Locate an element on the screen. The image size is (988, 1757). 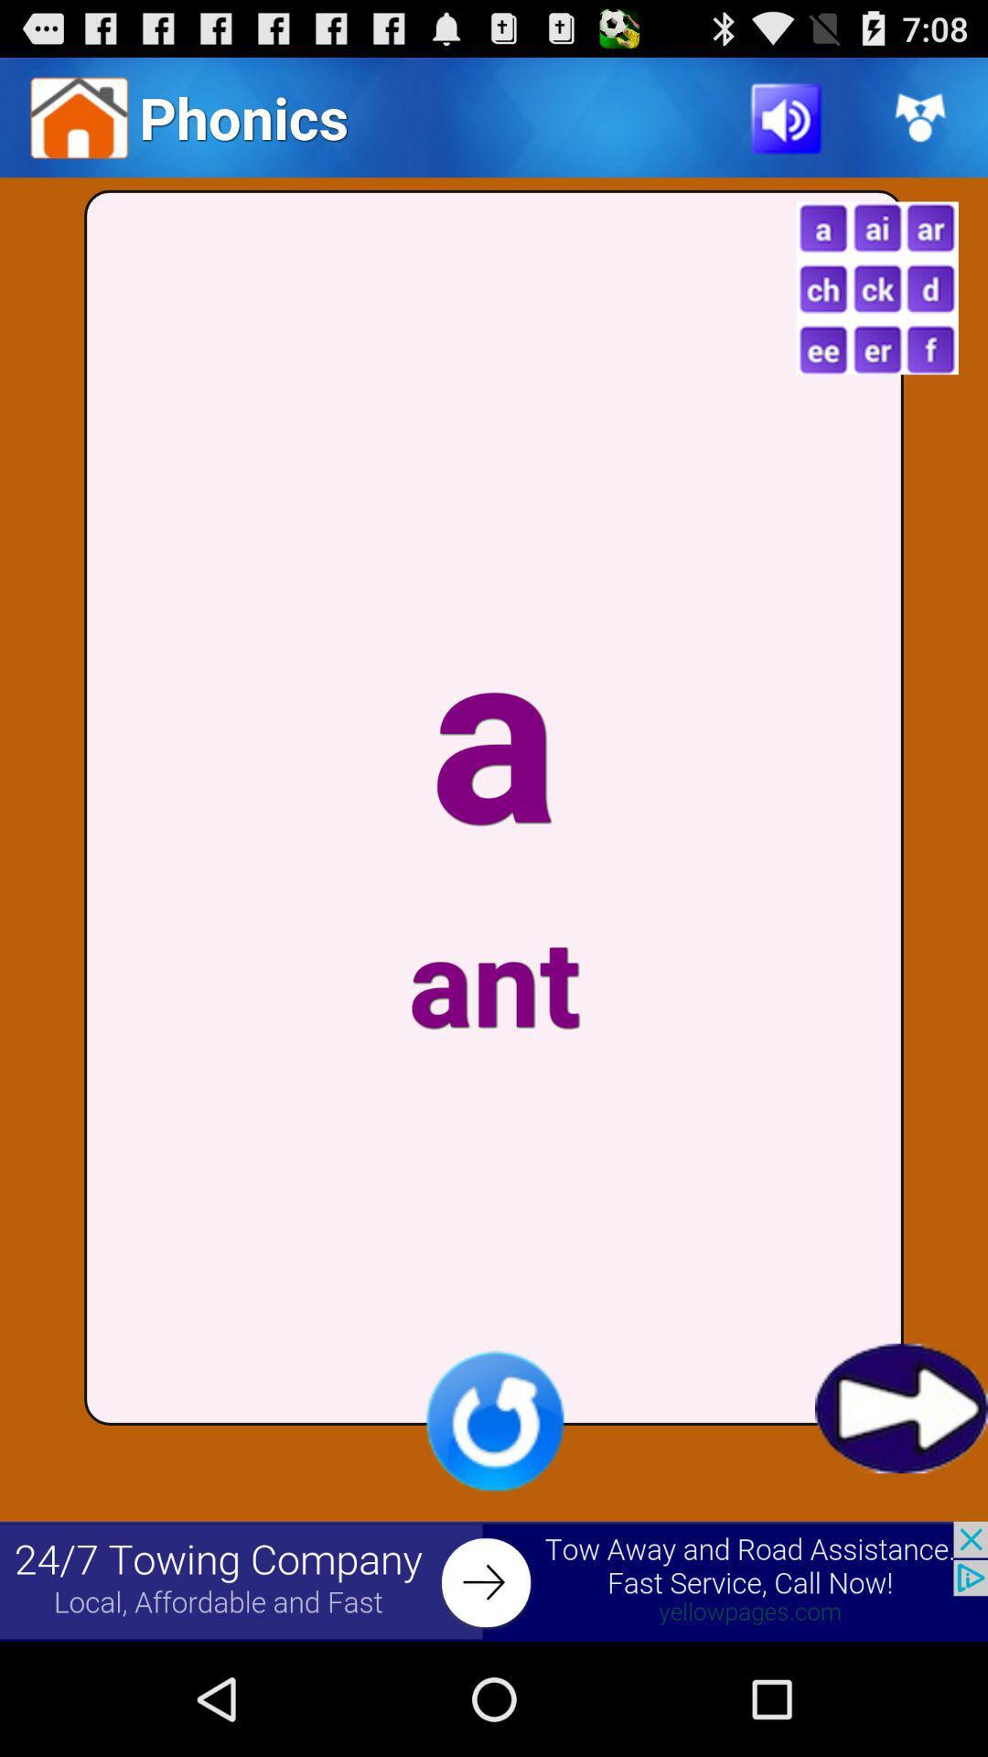
banner advertisement is located at coordinates (494, 1580).